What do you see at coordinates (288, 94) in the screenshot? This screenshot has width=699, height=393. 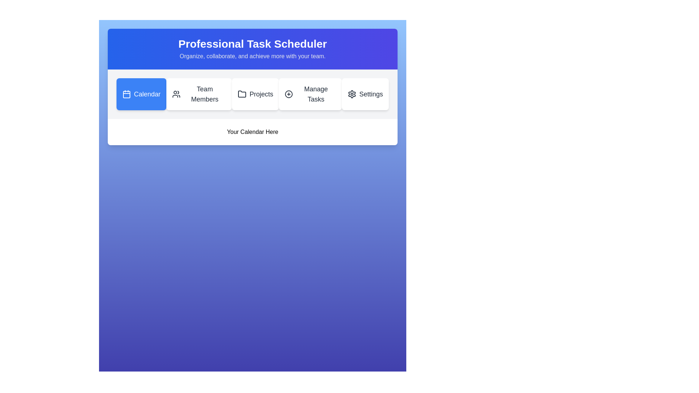 I see `the circular icon with a plus sign at its center, which is located within the 'Manage Tasks' button in the navigation bar` at bounding box center [288, 94].